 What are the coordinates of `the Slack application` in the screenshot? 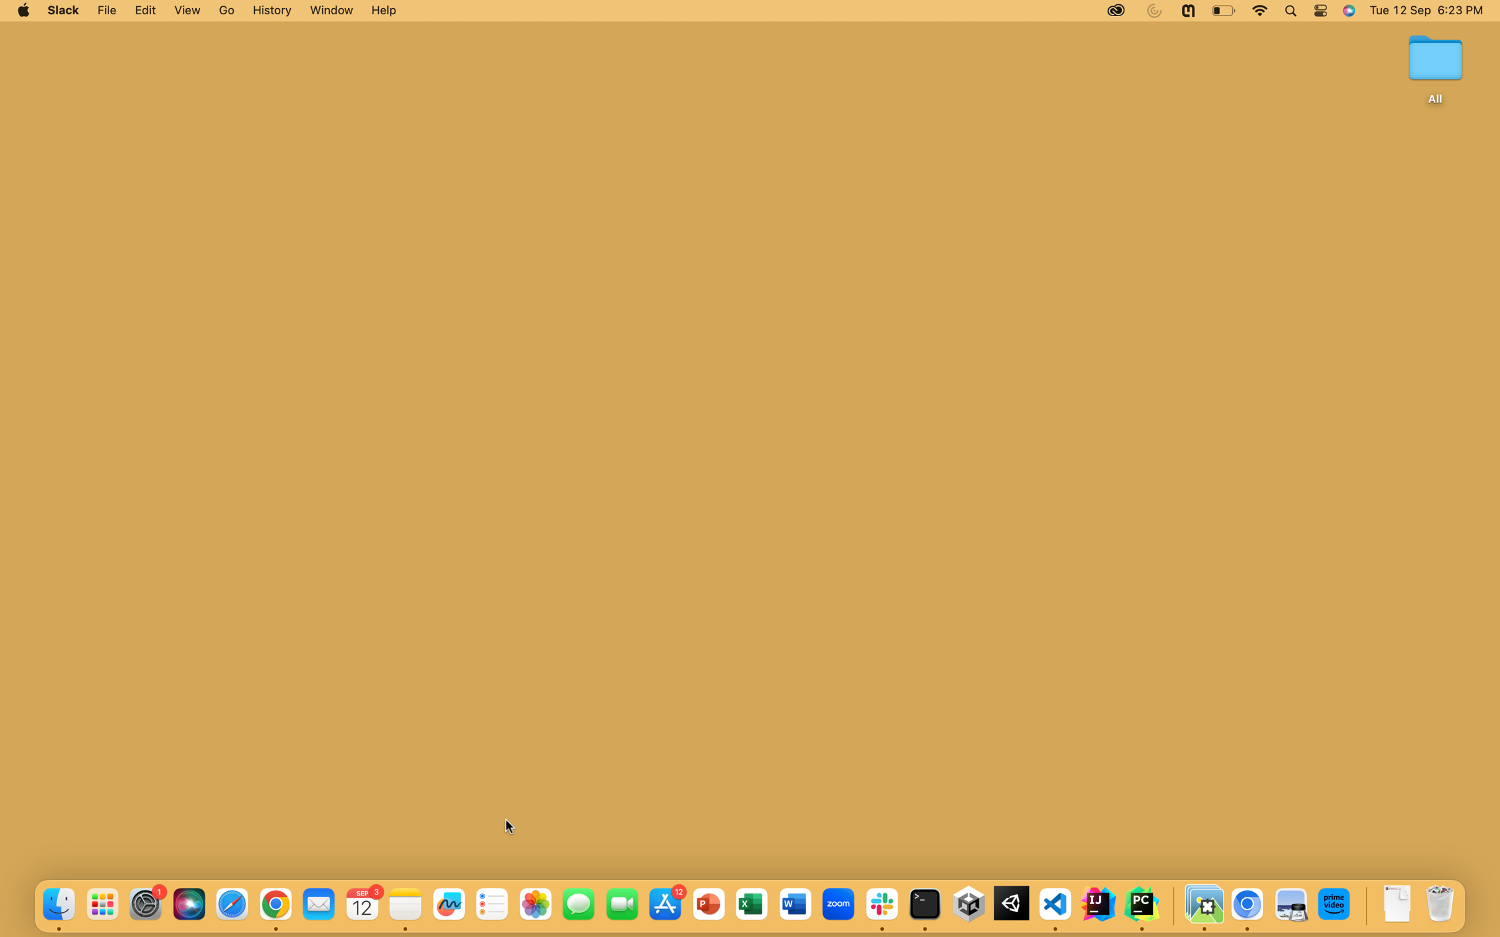 It's located at (63, 12).